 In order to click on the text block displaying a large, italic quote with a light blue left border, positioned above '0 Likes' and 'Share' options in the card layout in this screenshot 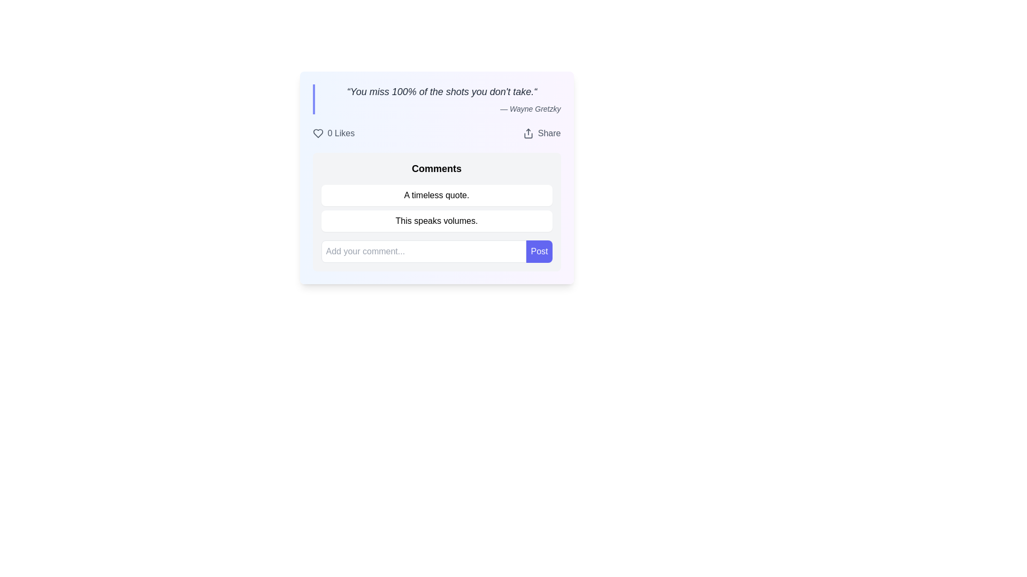, I will do `click(436, 99)`.